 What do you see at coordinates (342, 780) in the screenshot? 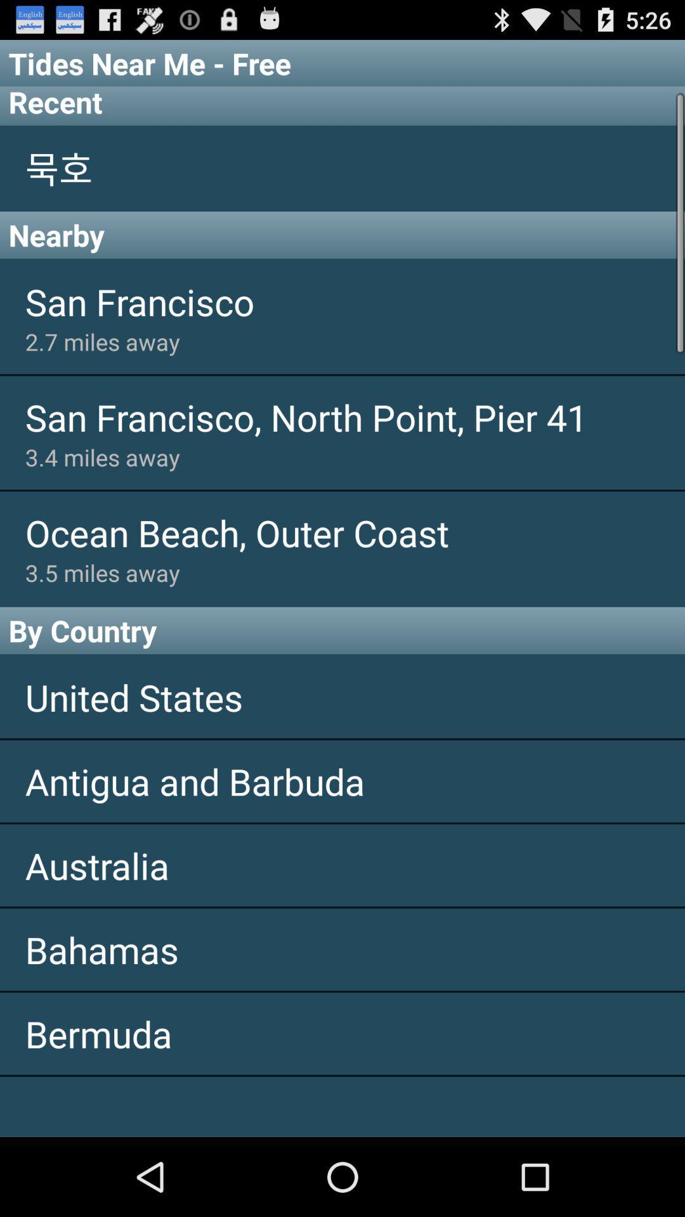
I see `the item above australia item` at bounding box center [342, 780].